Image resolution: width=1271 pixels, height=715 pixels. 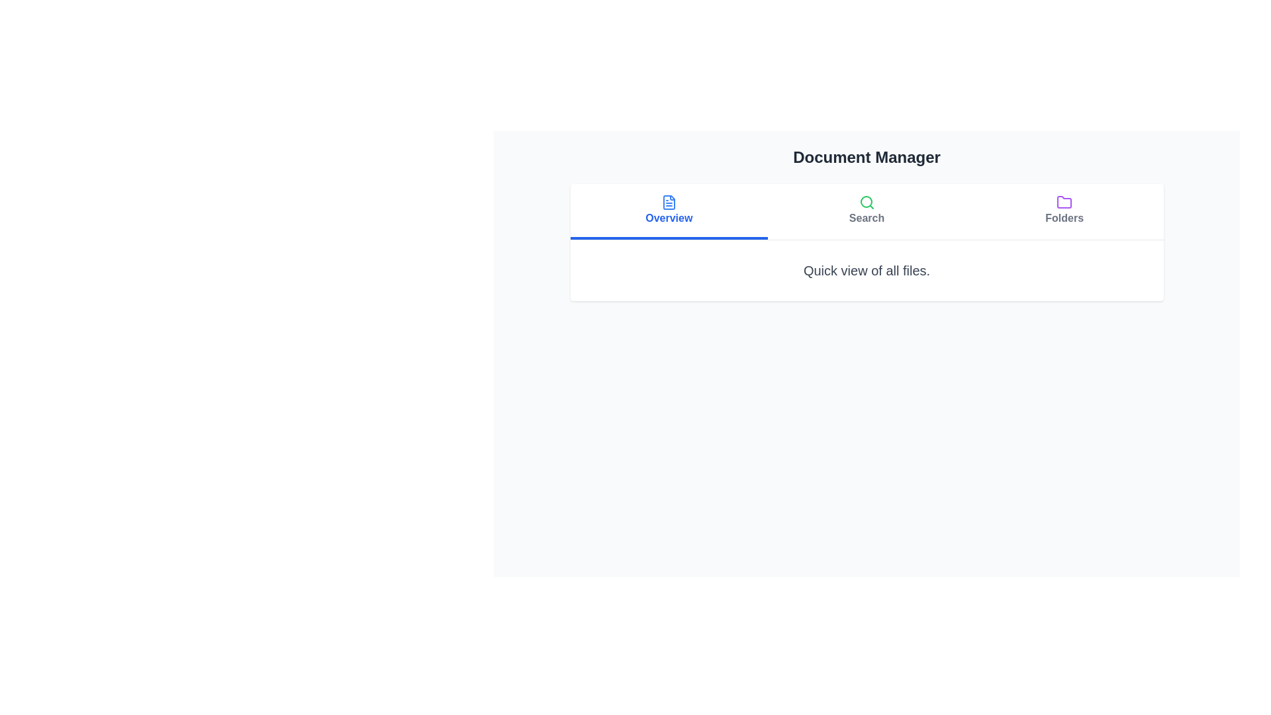 I want to click on the button with an icon and text that provides access to the 'Folders' section in the document management interface, located at the top-right corner of the navigation bar, so click(x=1064, y=209).